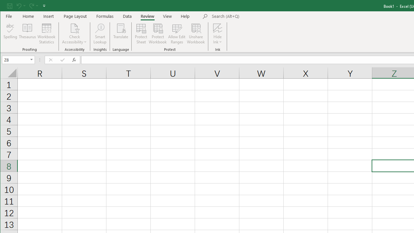 The width and height of the screenshot is (414, 233). Describe the element at coordinates (27, 34) in the screenshot. I see `'Thesaurus...'` at that location.